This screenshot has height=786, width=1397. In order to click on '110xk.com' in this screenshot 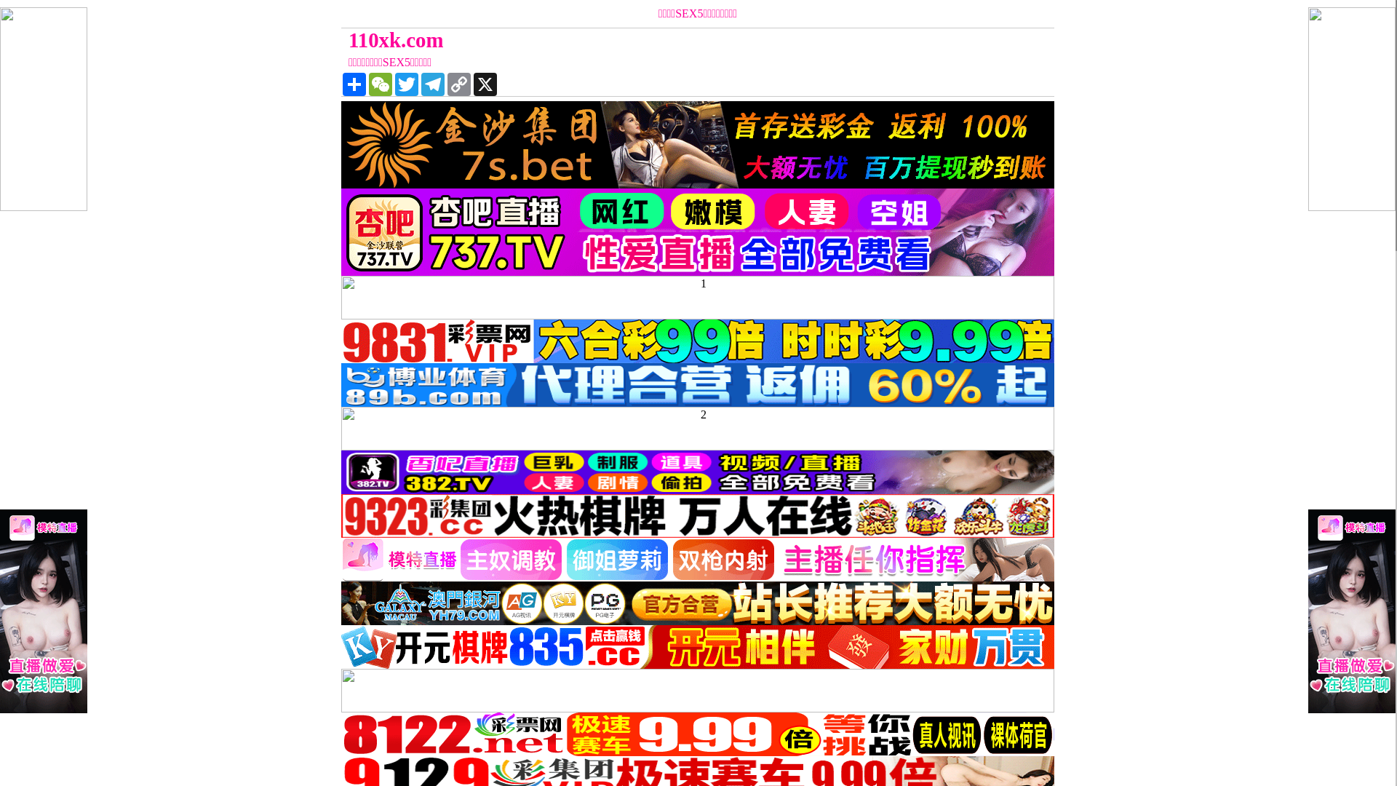, I will do `click(608, 39)`.